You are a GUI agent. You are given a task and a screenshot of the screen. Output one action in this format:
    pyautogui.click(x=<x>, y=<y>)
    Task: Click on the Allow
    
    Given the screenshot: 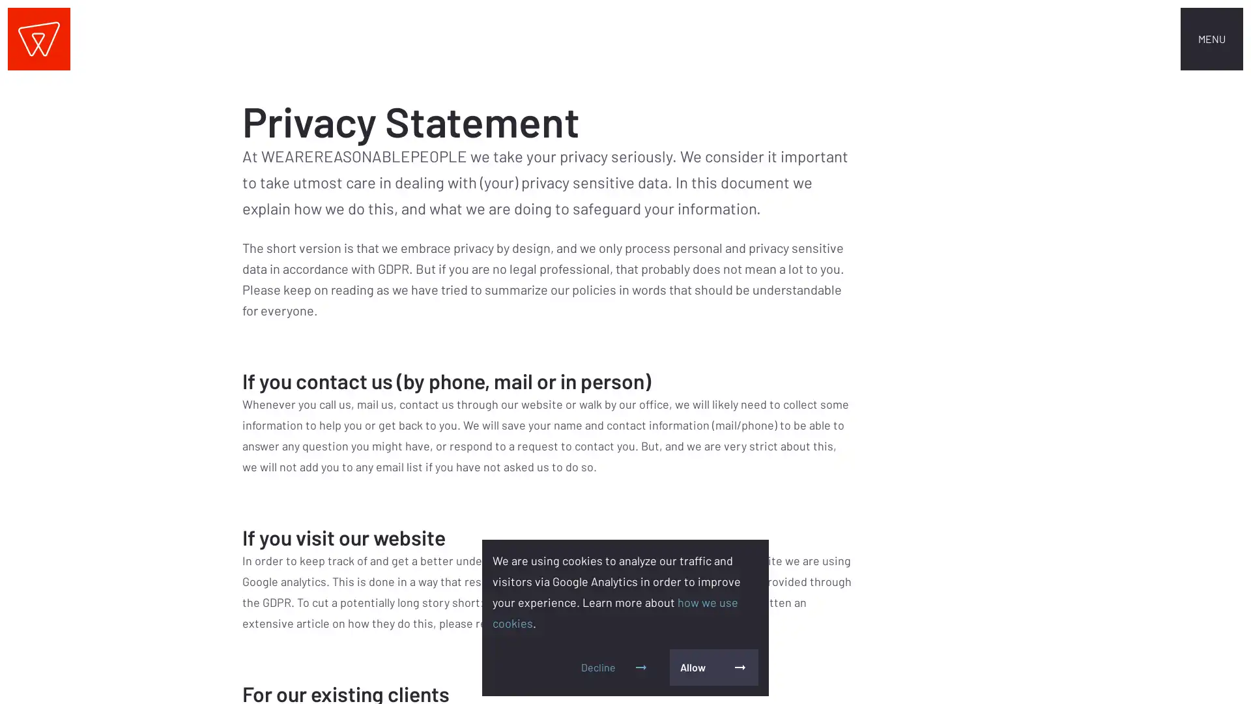 What is the action you would take?
    pyautogui.click(x=713, y=667)
    